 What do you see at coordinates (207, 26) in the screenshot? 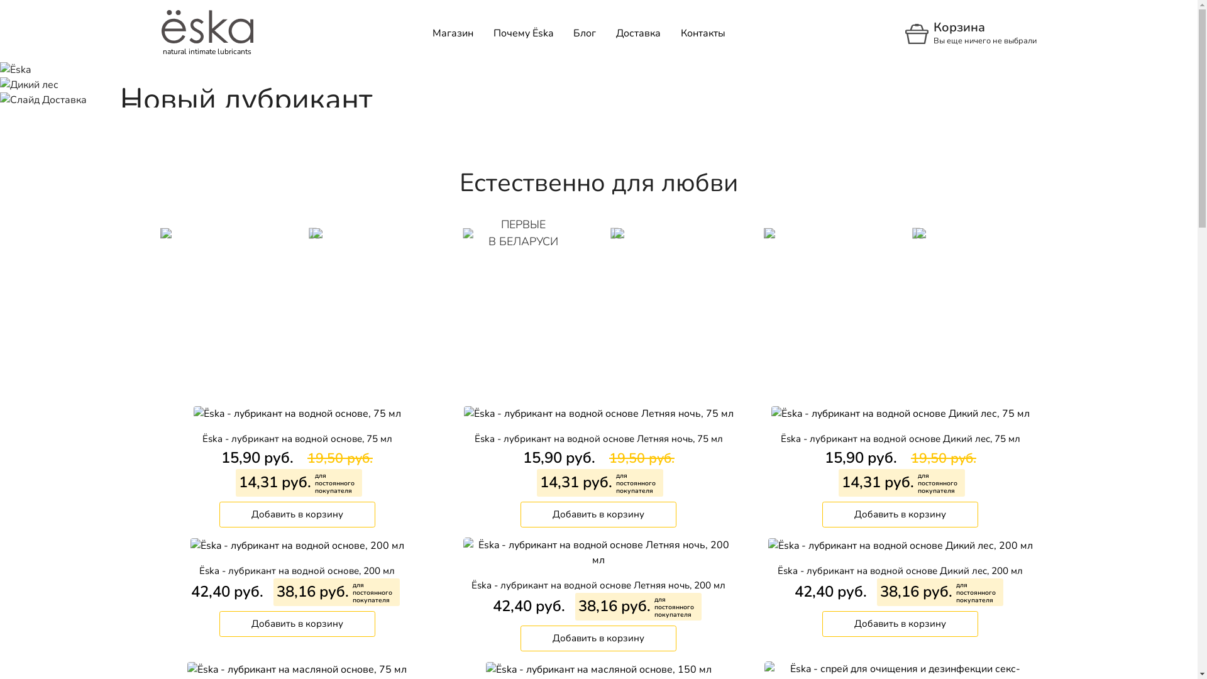
I see `'natural intimate lubricants'` at bounding box center [207, 26].